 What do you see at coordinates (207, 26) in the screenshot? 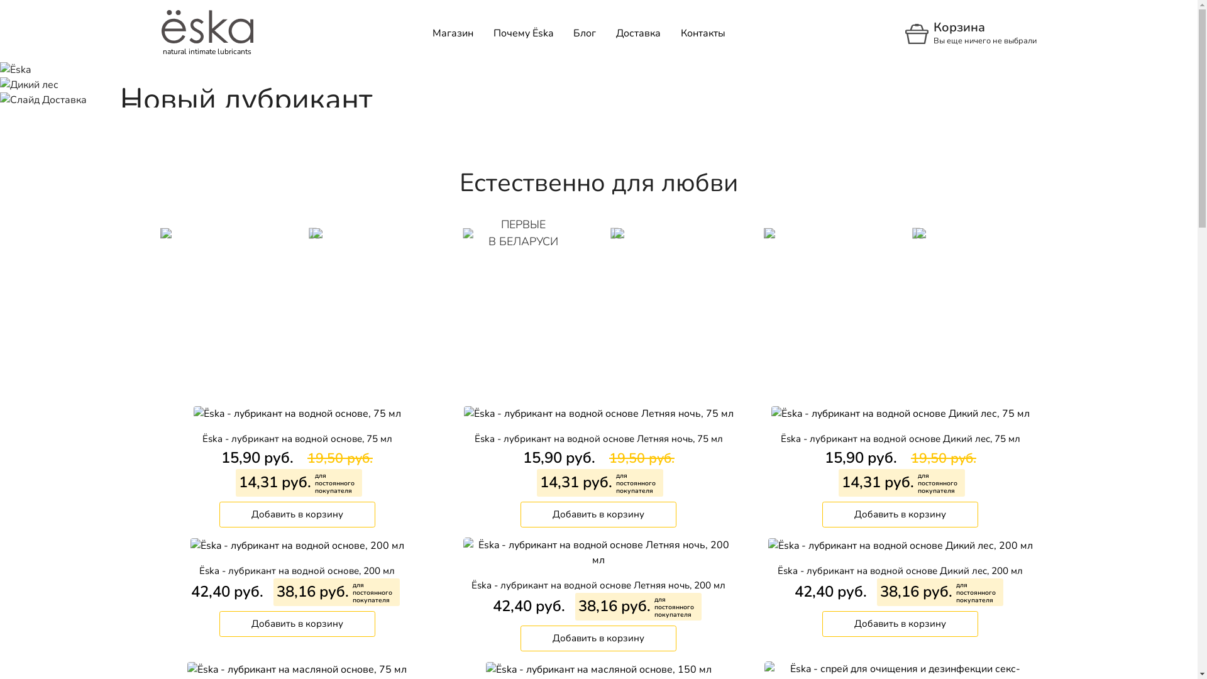
I see `'natural intimate lubricants'` at bounding box center [207, 26].